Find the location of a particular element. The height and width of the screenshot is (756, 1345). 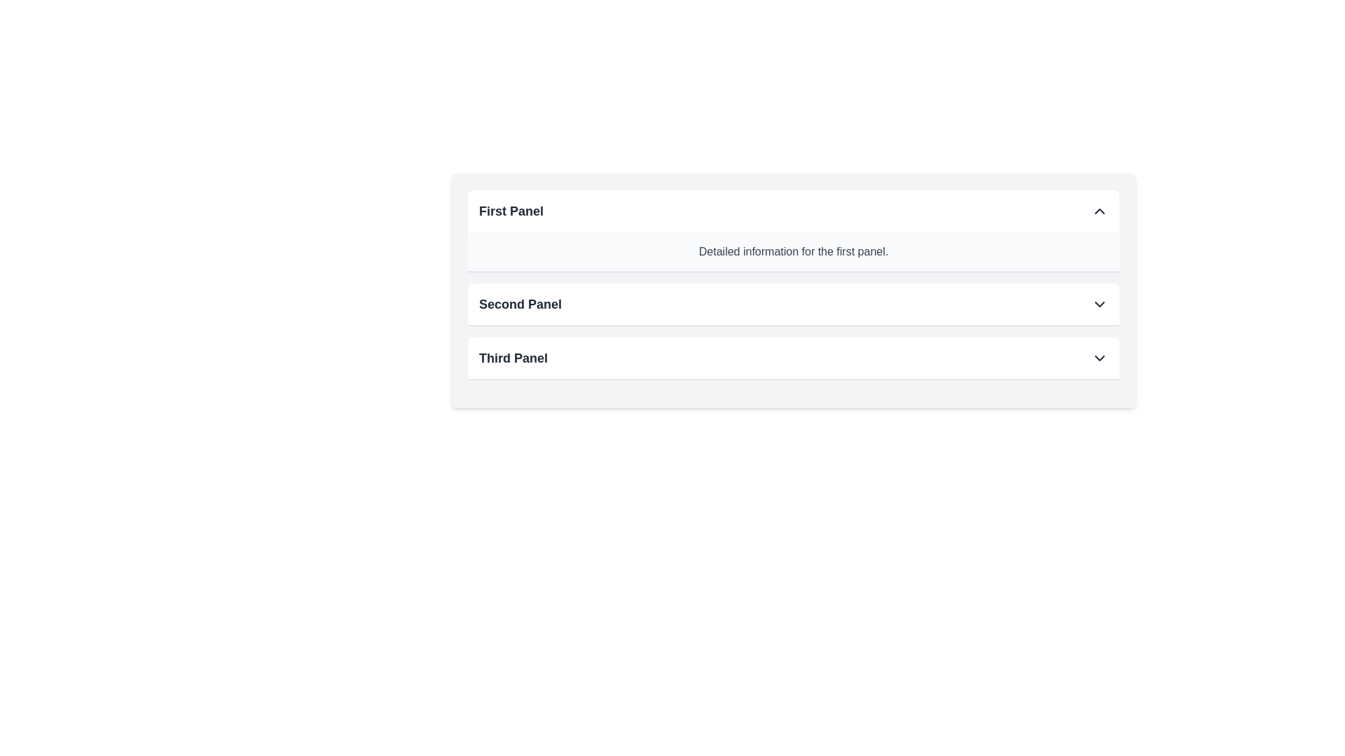

the third collapsible panel header is located at coordinates (793, 358).